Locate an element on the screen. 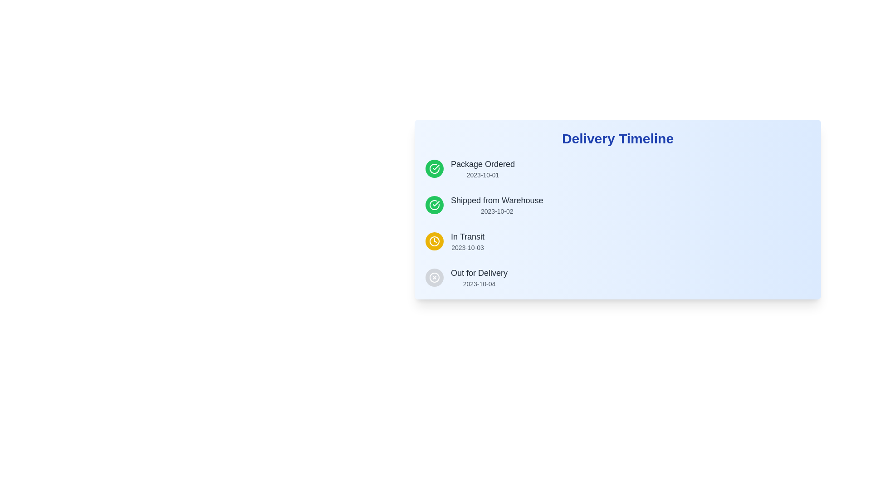 The image size is (871, 490). the circular green icon with a checkmark that represents 'Package Ordered' in the delivery timeline is located at coordinates (434, 168).